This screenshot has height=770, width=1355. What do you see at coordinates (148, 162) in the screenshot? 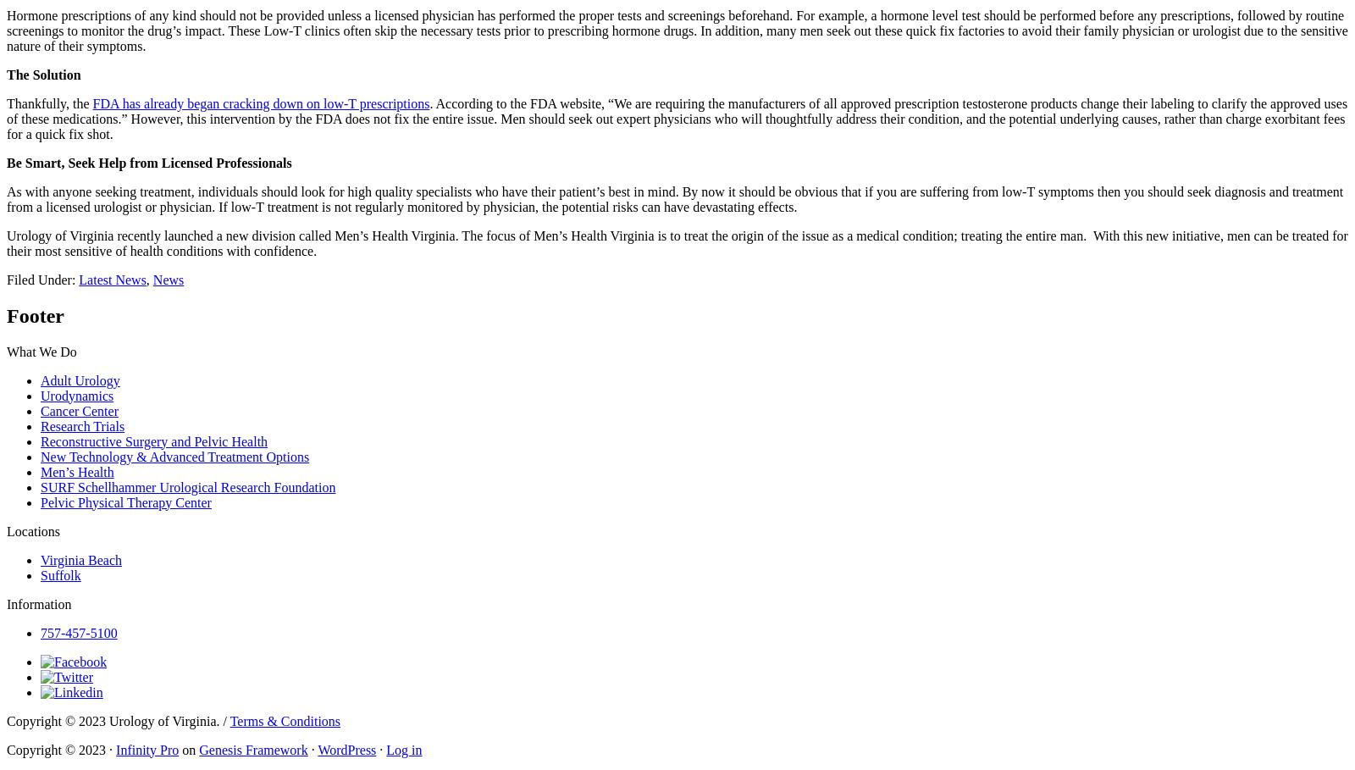
I see `'Be Smart, Seek Help from Licensed Professionals'` at bounding box center [148, 162].